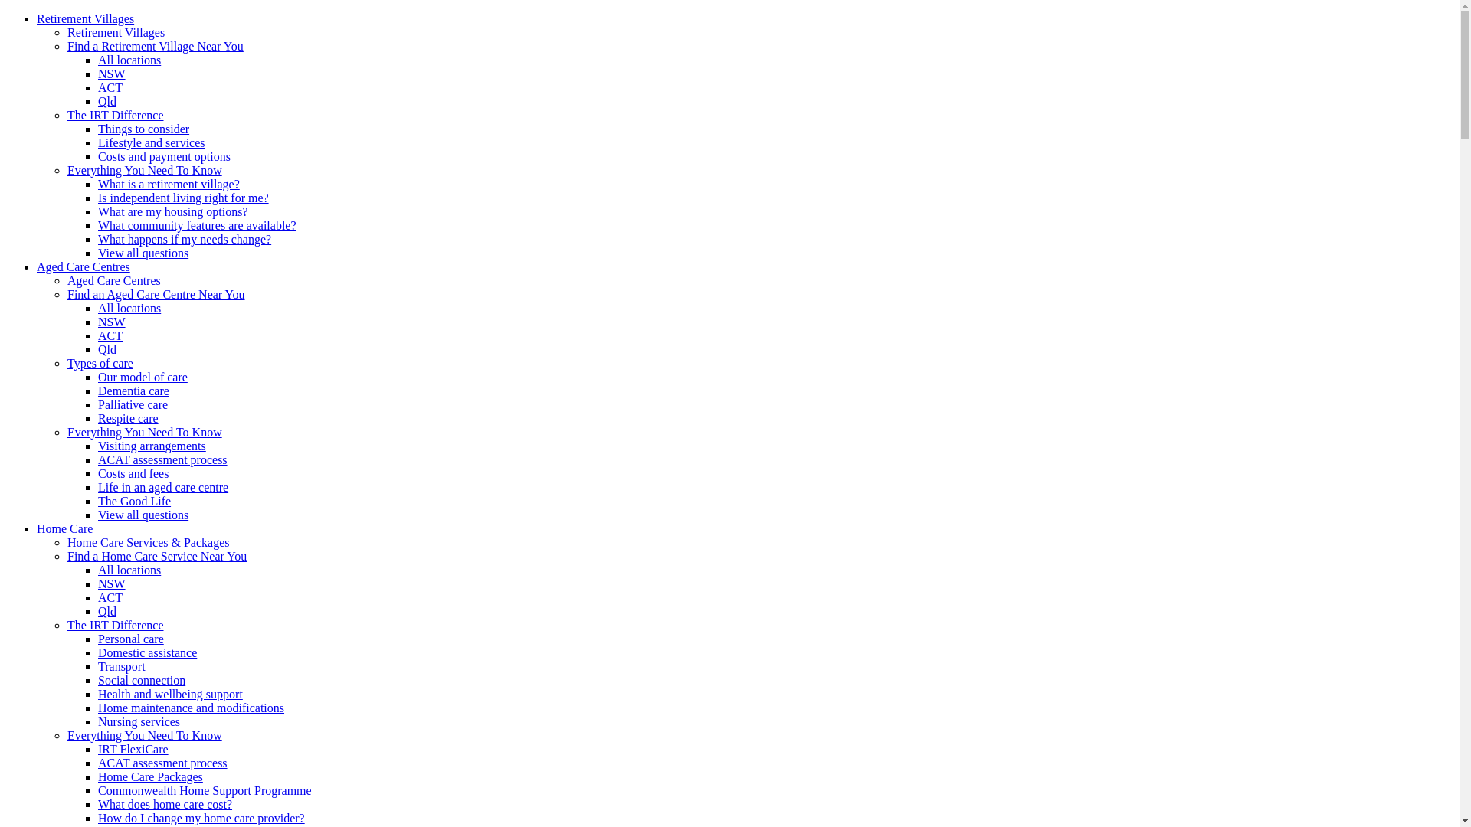 This screenshot has width=1471, height=827. Describe the element at coordinates (151, 142) in the screenshot. I see `'Lifestyle and services'` at that location.